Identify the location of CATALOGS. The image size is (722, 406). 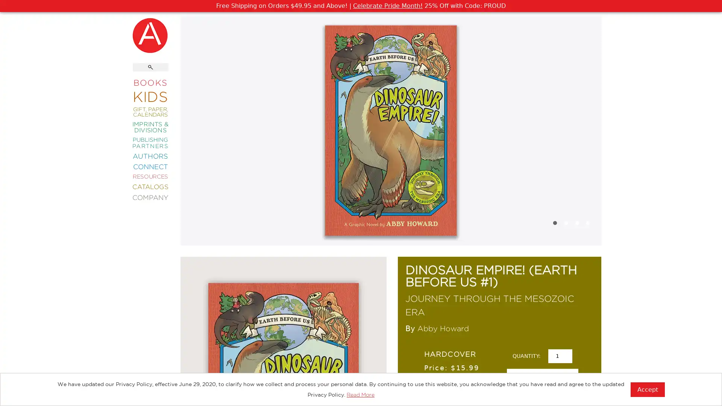
(150, 186).